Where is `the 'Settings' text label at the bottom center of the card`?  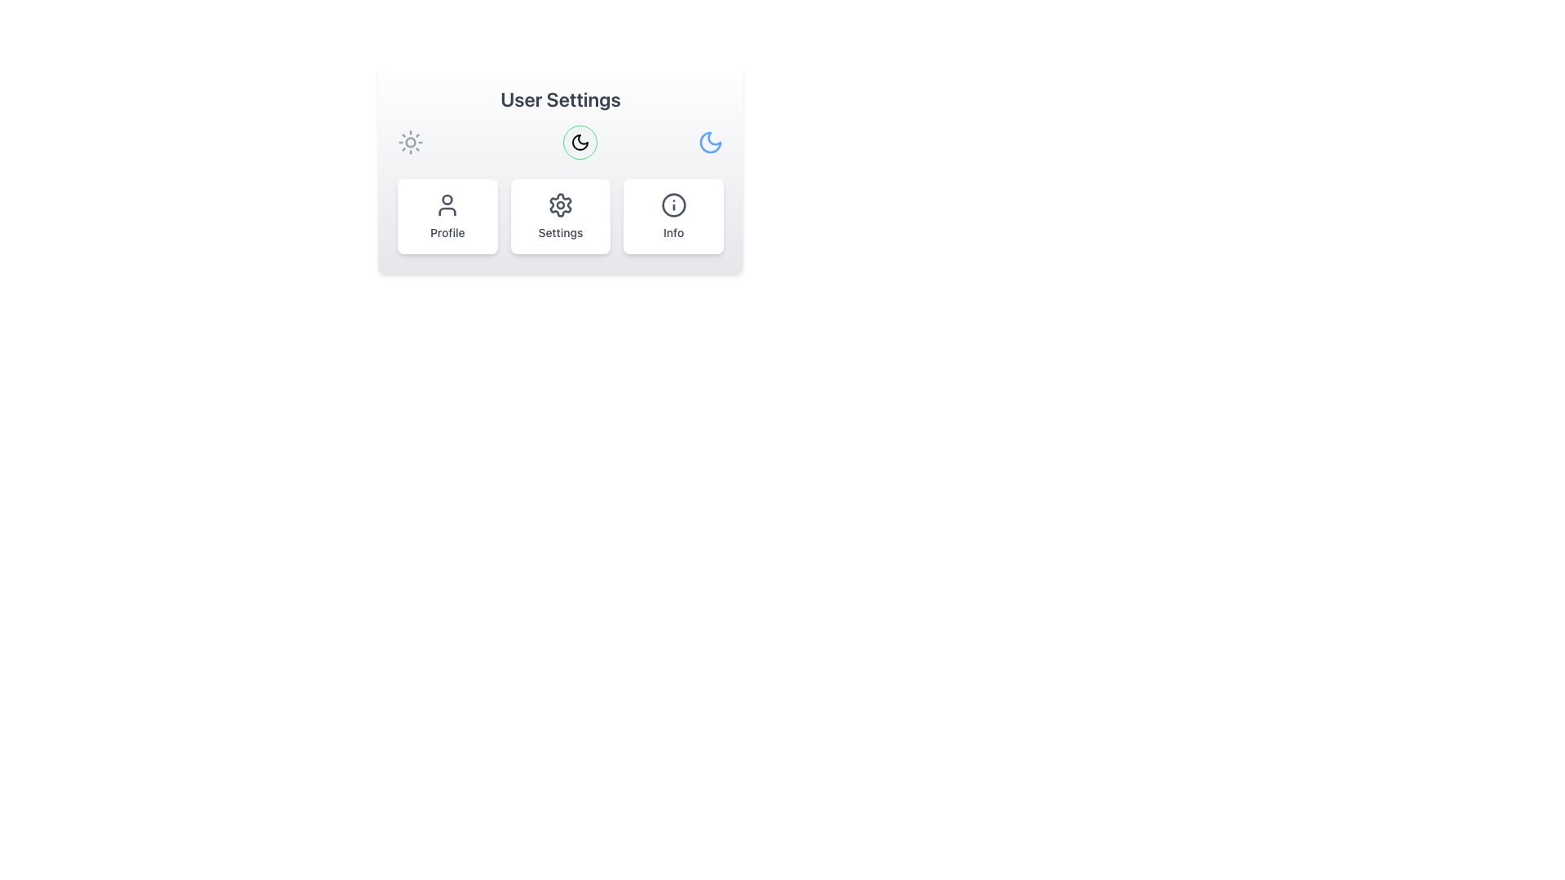
the 'Settings' text label at the bottom center of the card is located at coordinates (560, 232).